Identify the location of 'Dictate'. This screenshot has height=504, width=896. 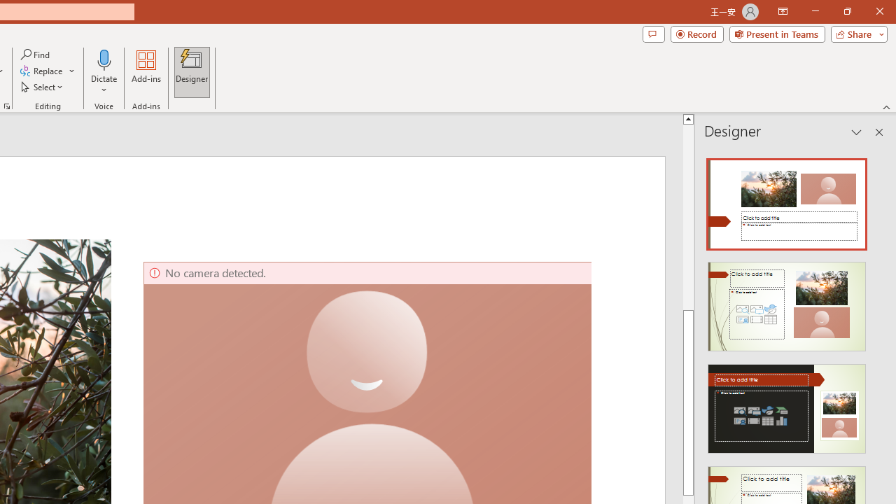
(104, 72).